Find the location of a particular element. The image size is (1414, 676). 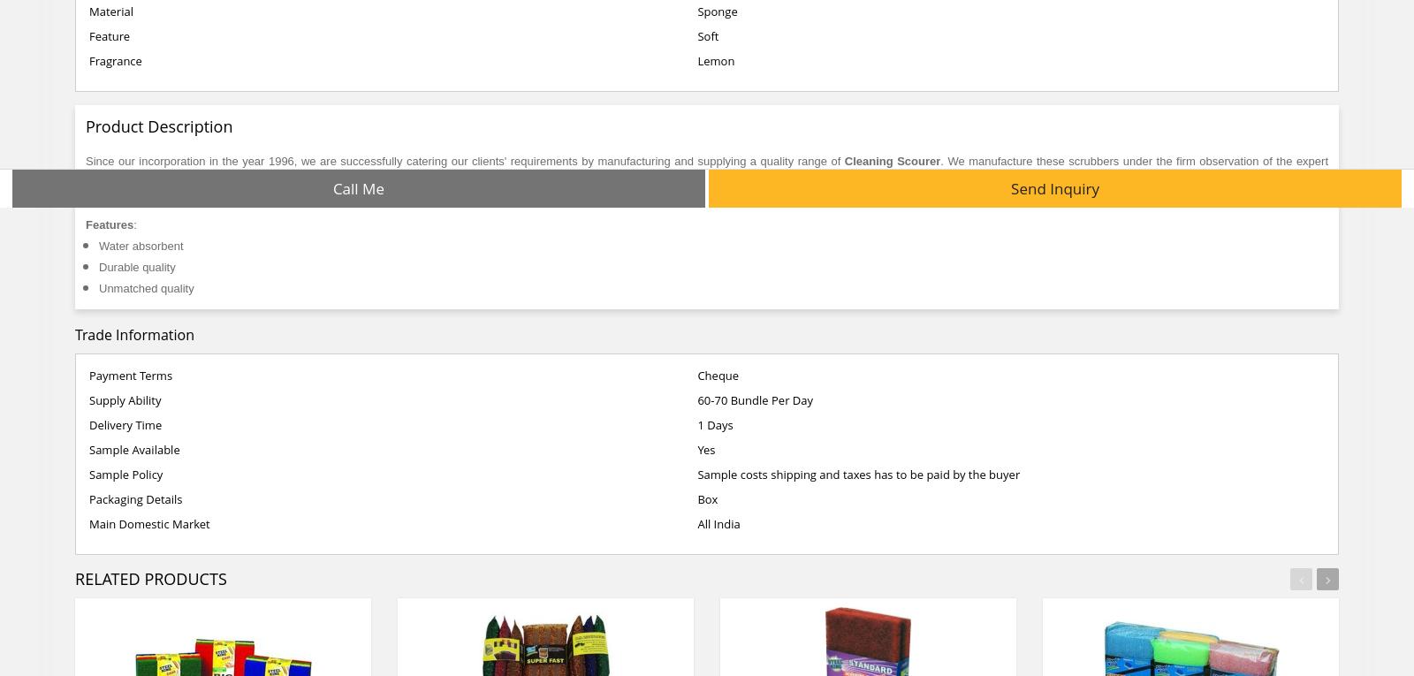

'Unmatched quality' is located at coordinates (145, 288).